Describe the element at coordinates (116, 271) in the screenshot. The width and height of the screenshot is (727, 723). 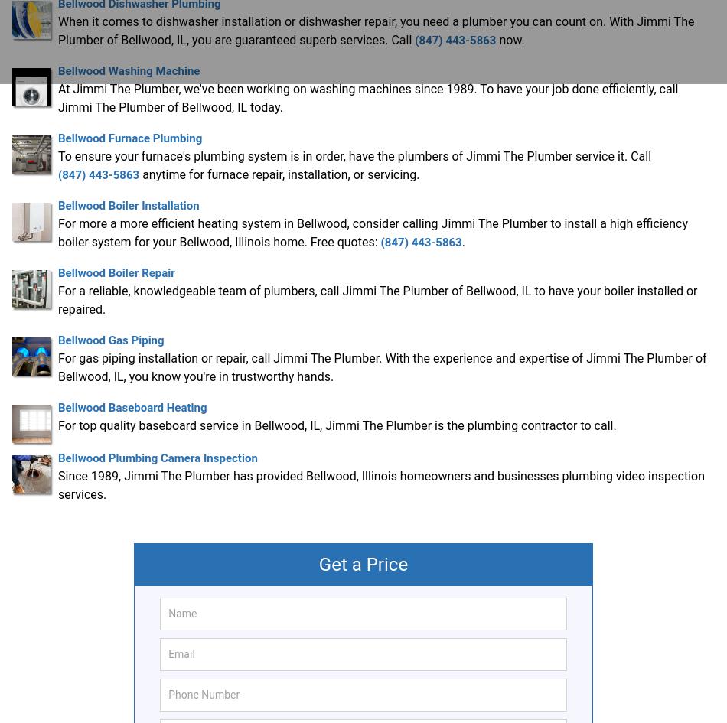
I see `'Bellwood Boiler Repair'` at that location.